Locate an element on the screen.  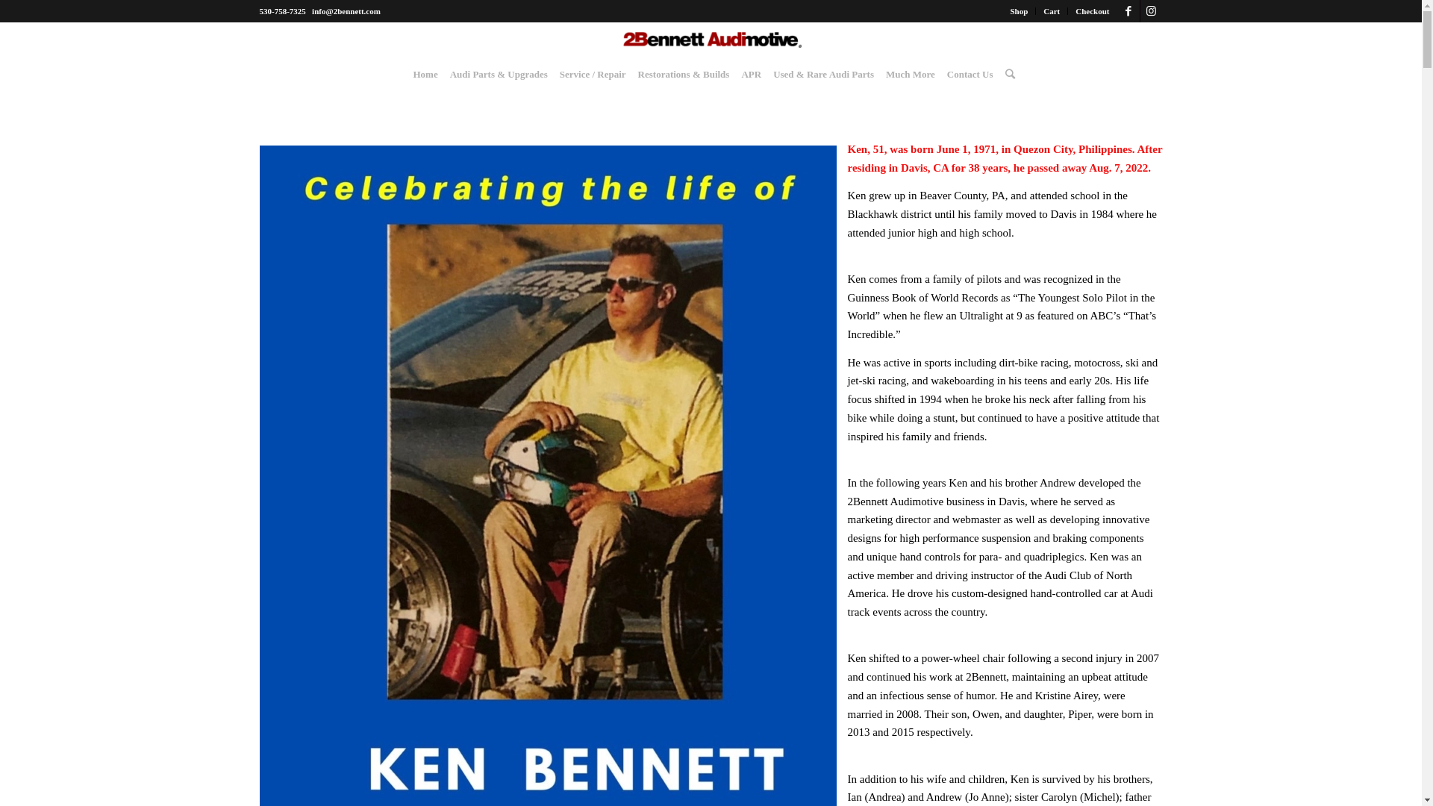
'Audi Parts & Upgrades' is located at coordinates (499, 75).